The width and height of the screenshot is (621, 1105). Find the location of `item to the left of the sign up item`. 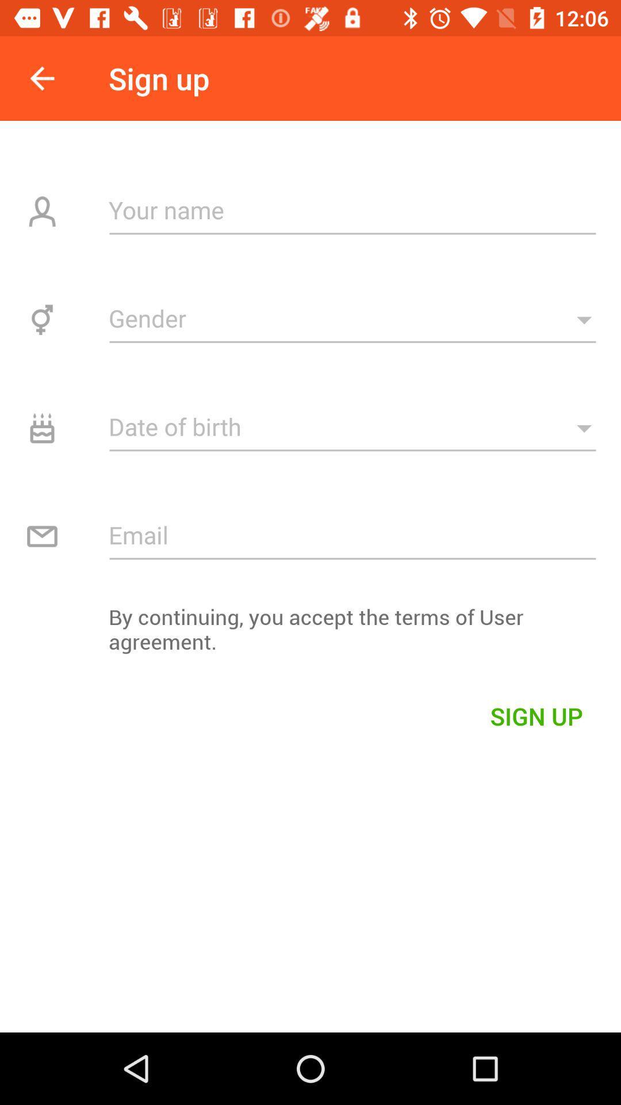

item to the left of the sign up item is located at coordinates (41, 78).